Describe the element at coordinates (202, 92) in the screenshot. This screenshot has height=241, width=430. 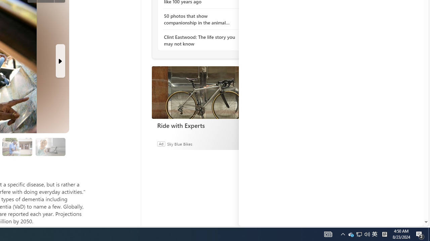
I see `'Ride with Experts'` at that location.